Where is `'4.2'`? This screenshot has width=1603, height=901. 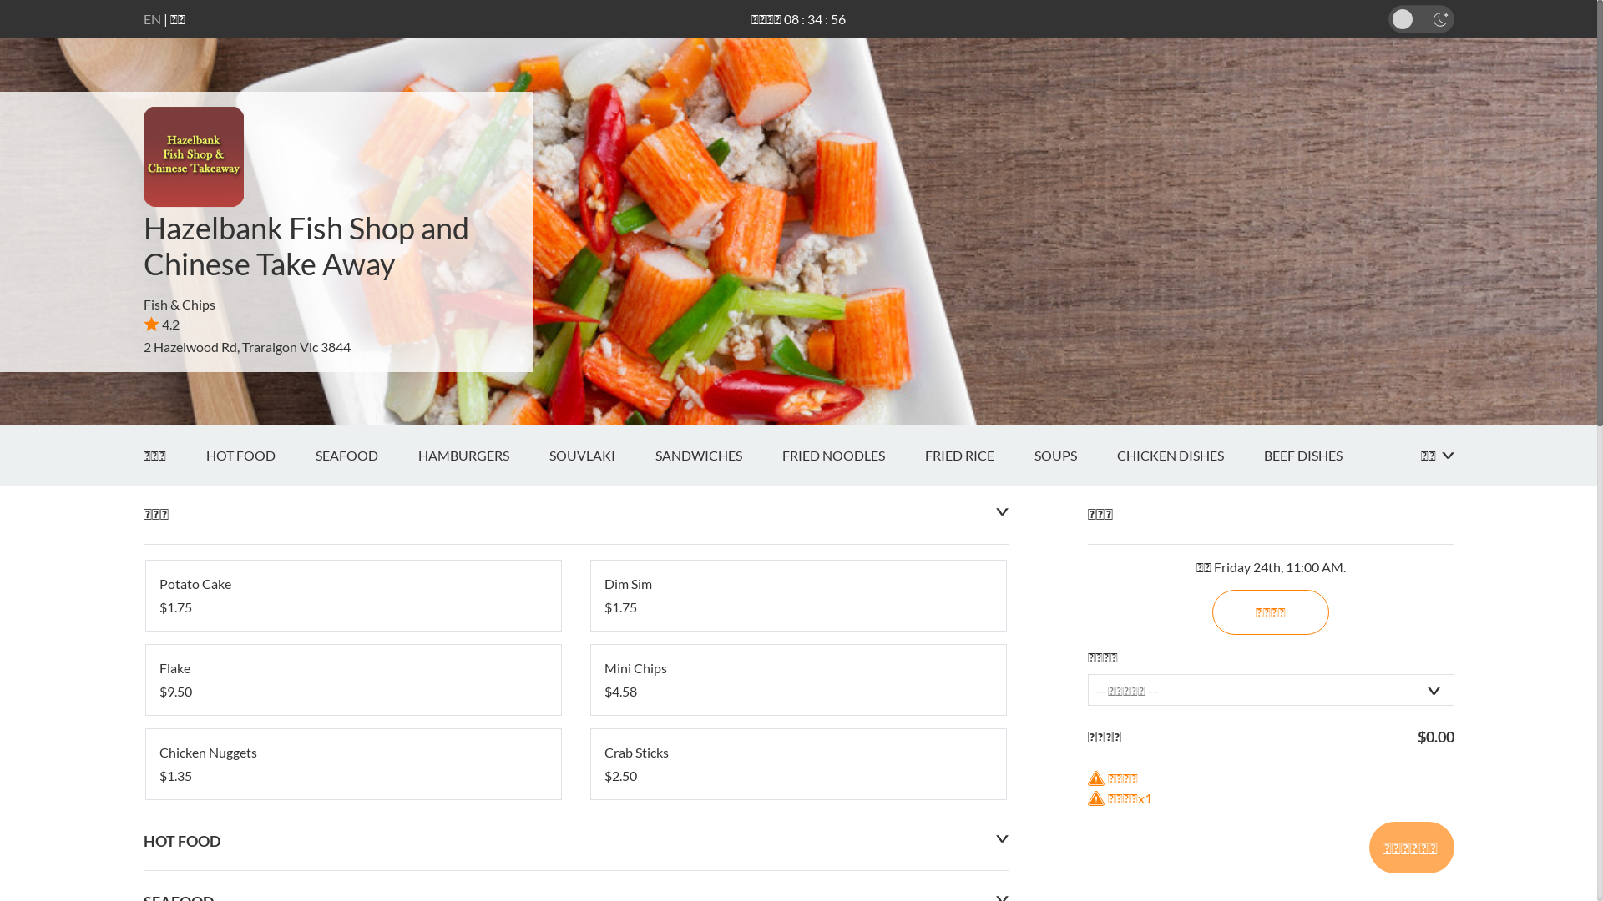
'4.2' is located at coordinates (161, 324).